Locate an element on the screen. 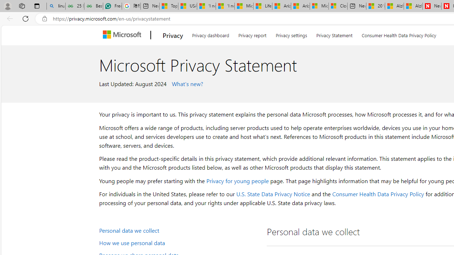 The height and width of the screenshot is (255, 454). 'Privacy Statement' is located at coordinates (334, 34).